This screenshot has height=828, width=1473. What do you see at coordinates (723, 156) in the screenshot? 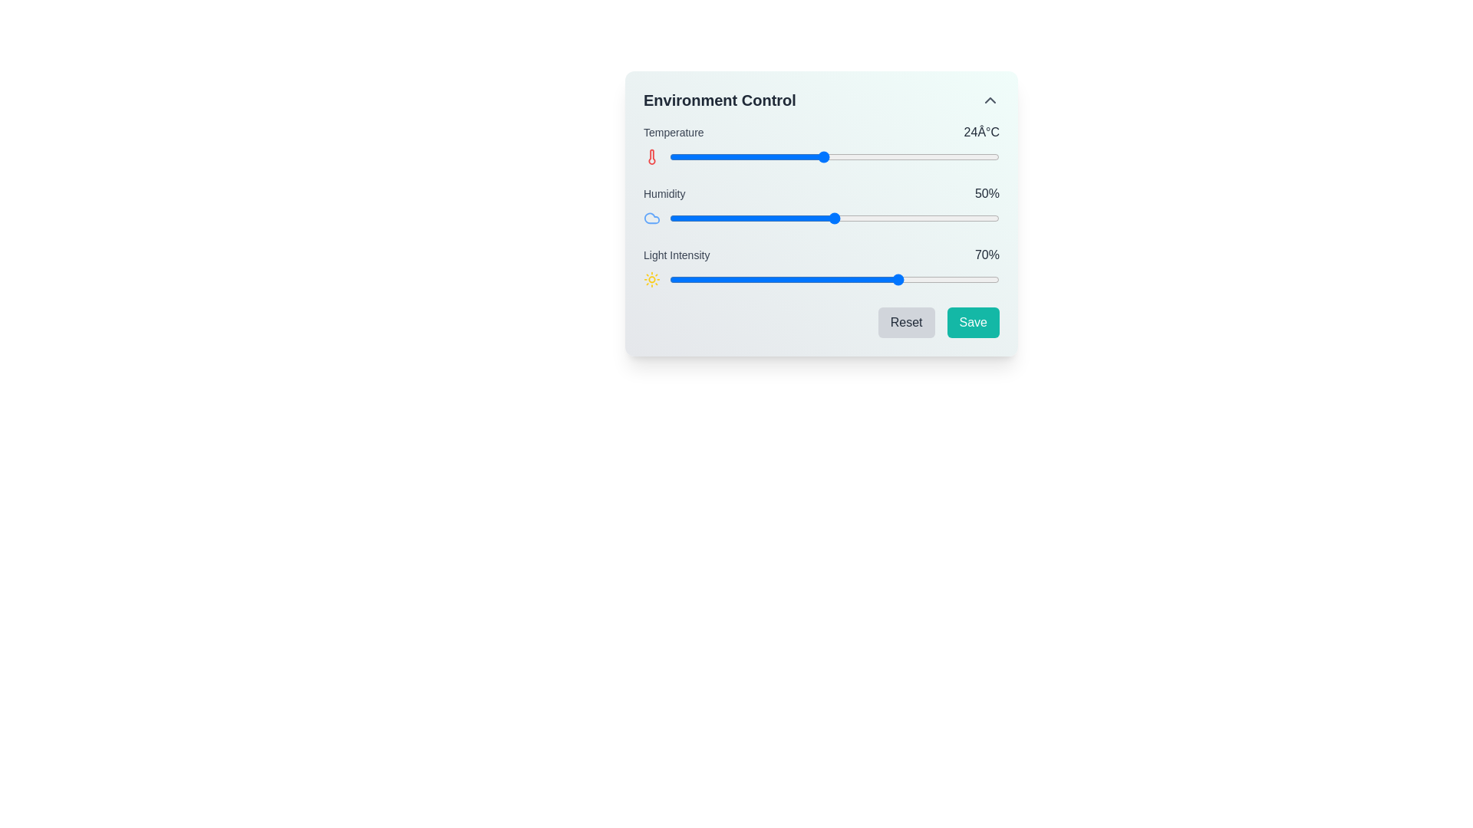
I see `the temperature slider` at bounding box center [723, 156].